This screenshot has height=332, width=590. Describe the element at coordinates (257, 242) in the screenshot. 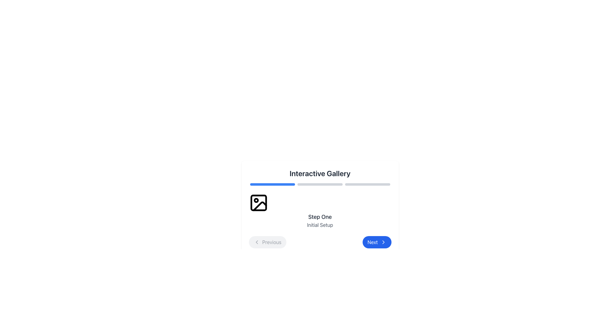

I see `the 'Previous' button, which features a leftward-facing chevron icon, by simulating a keyboard interaction` at that location.